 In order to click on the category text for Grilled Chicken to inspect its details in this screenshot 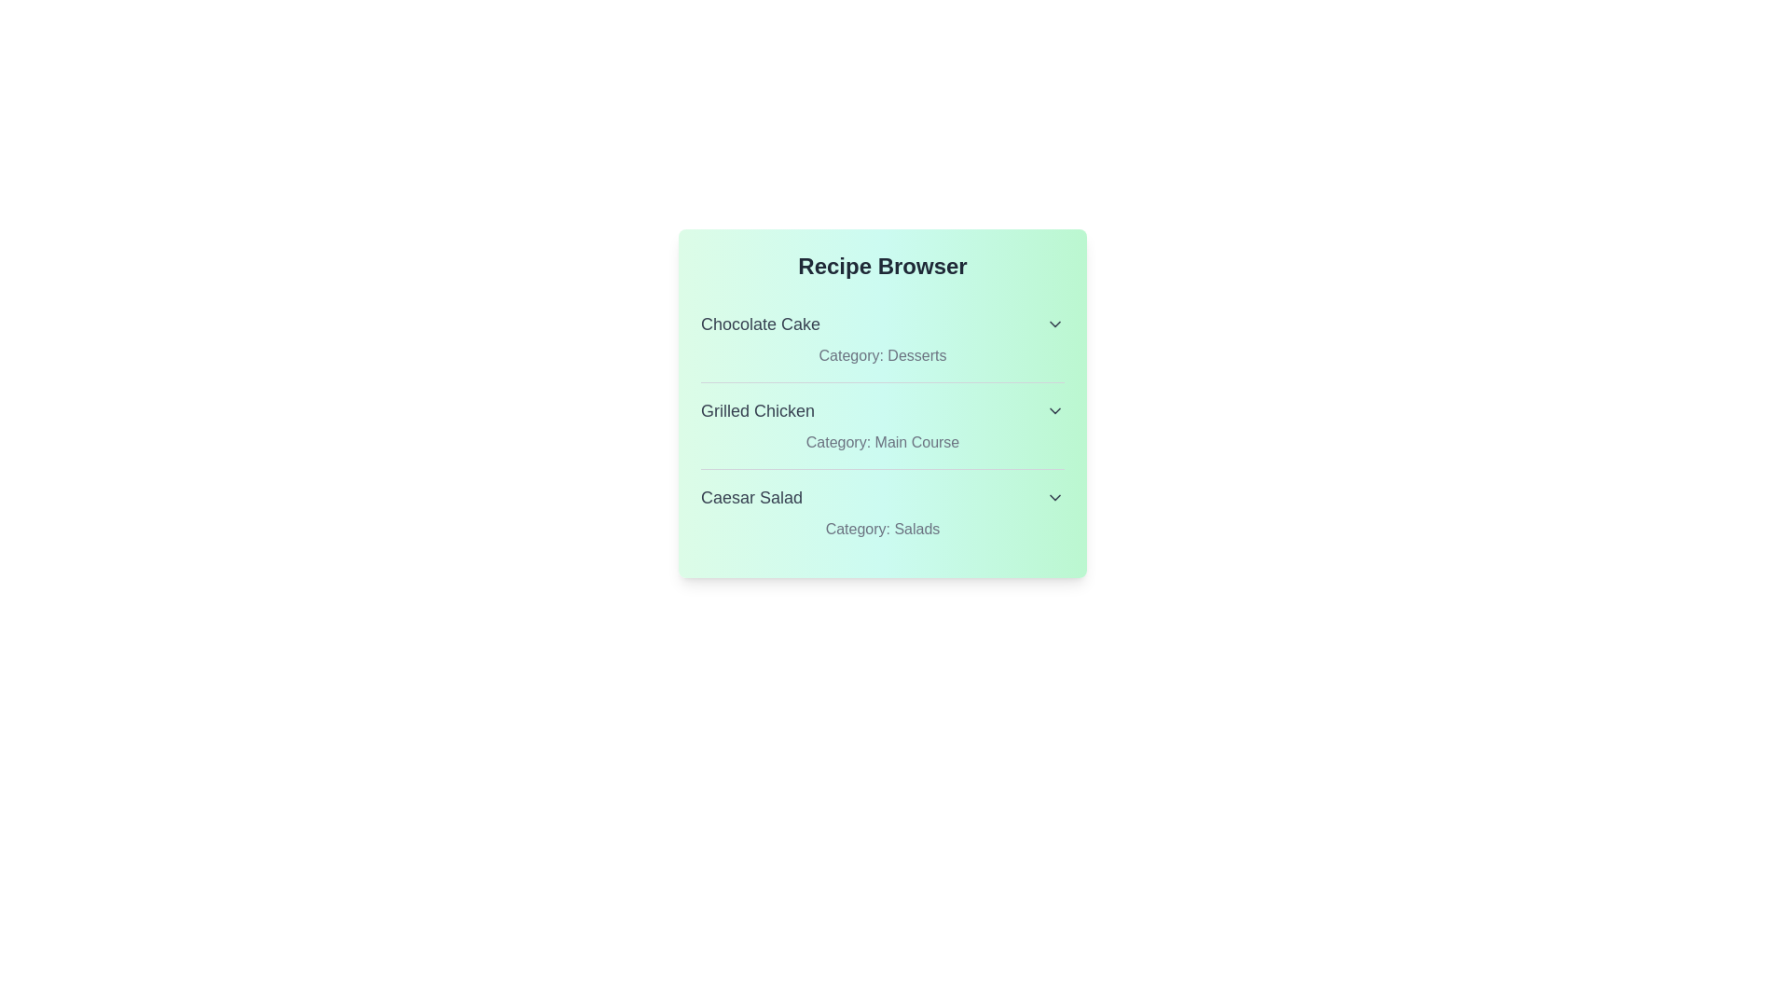, I will do `click(881, 442)`.